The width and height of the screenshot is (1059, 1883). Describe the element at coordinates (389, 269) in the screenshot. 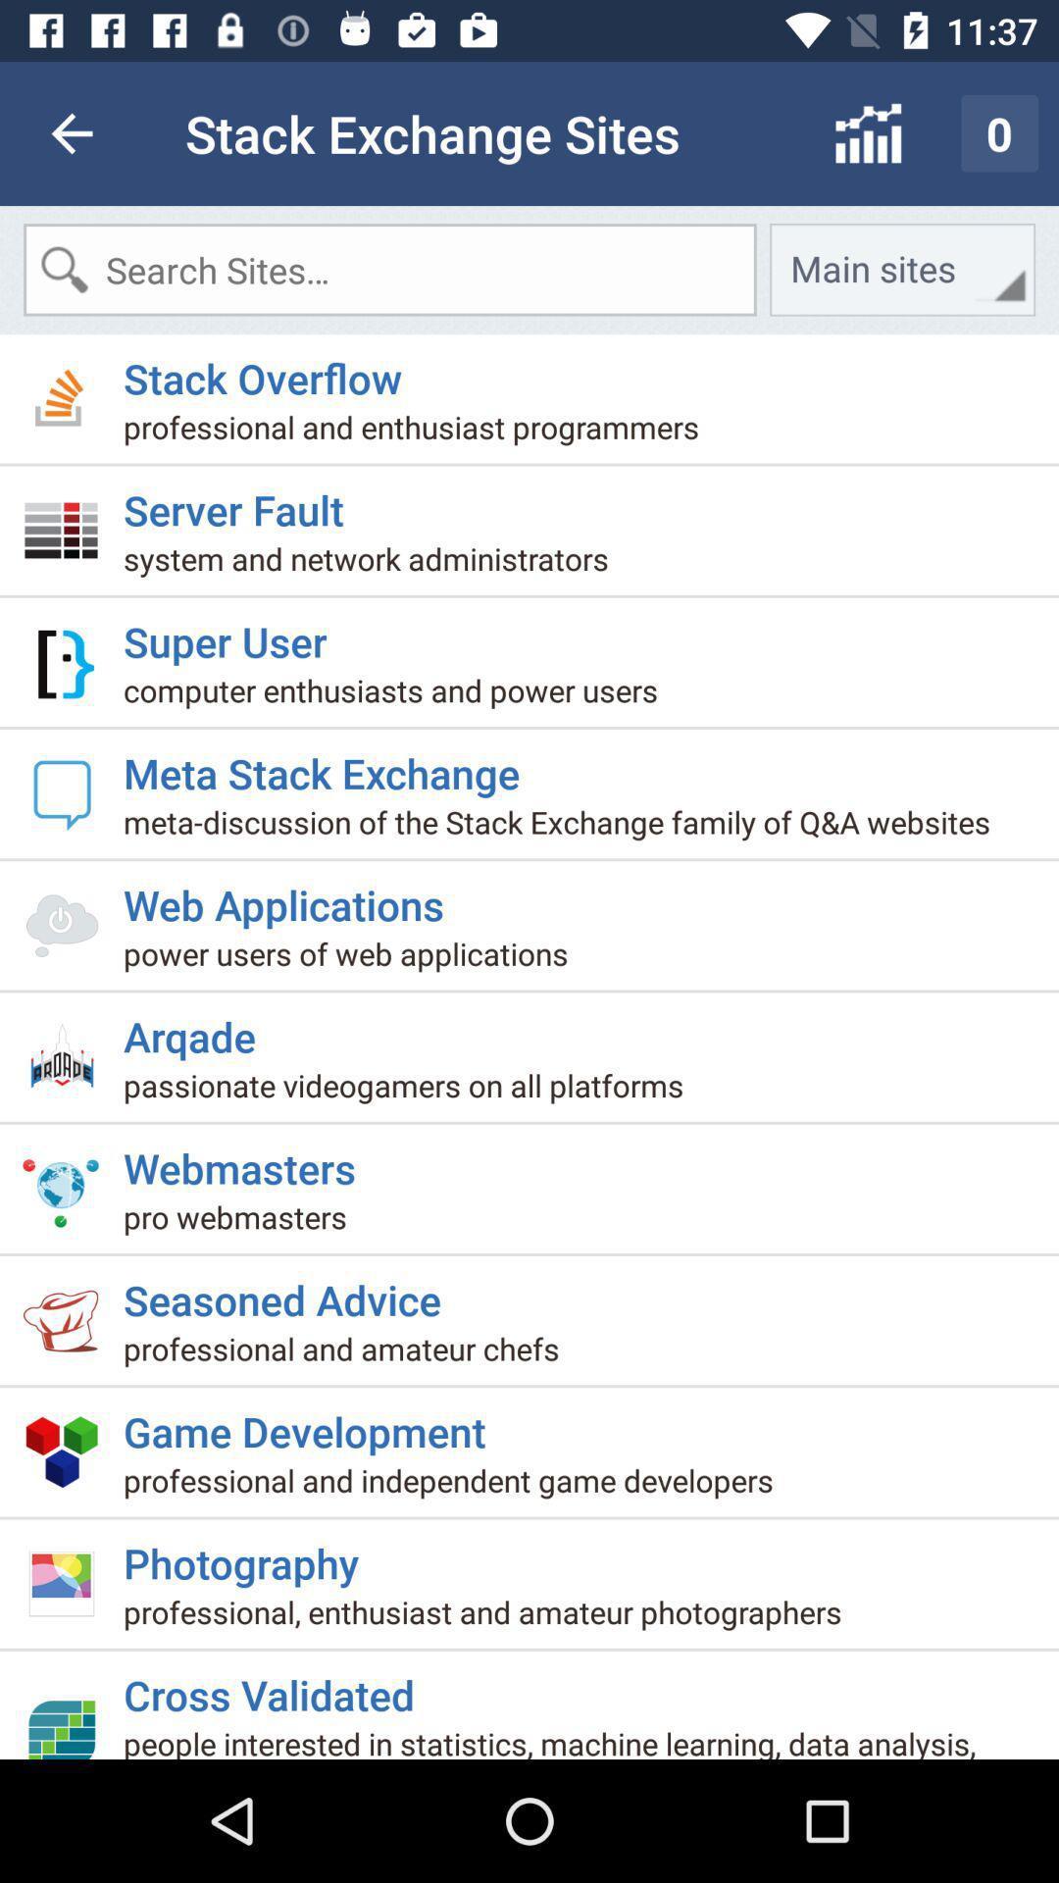

I see `the icon to the left of main sites` at that location.